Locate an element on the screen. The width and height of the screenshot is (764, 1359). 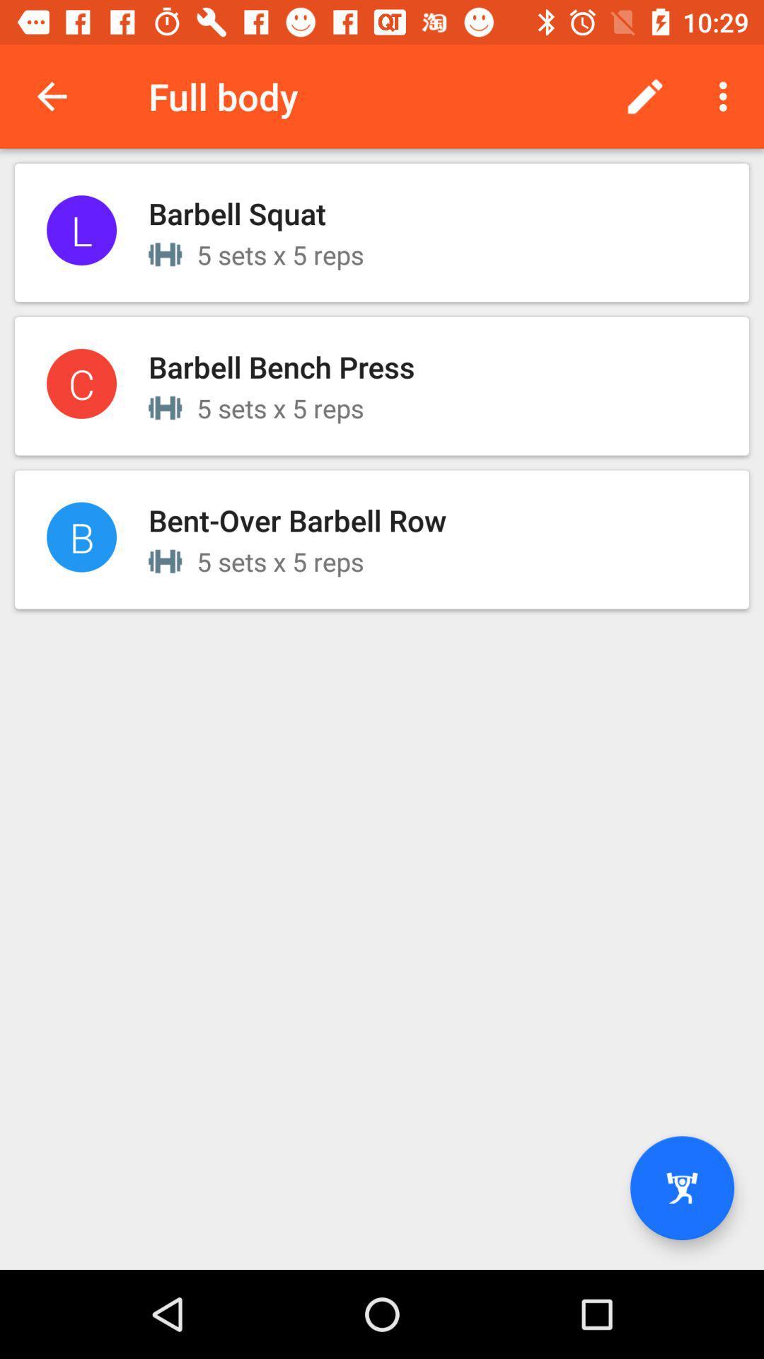
the item next to the full body is located at coordinates (51, 96).